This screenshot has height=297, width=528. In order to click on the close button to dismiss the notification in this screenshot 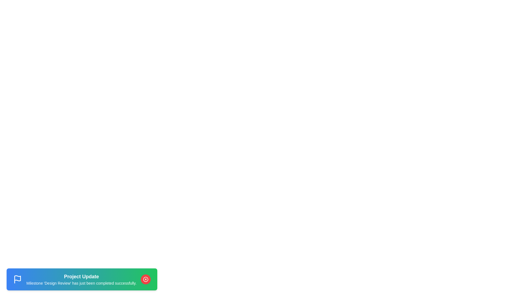, I will do `click(145, 279)`.